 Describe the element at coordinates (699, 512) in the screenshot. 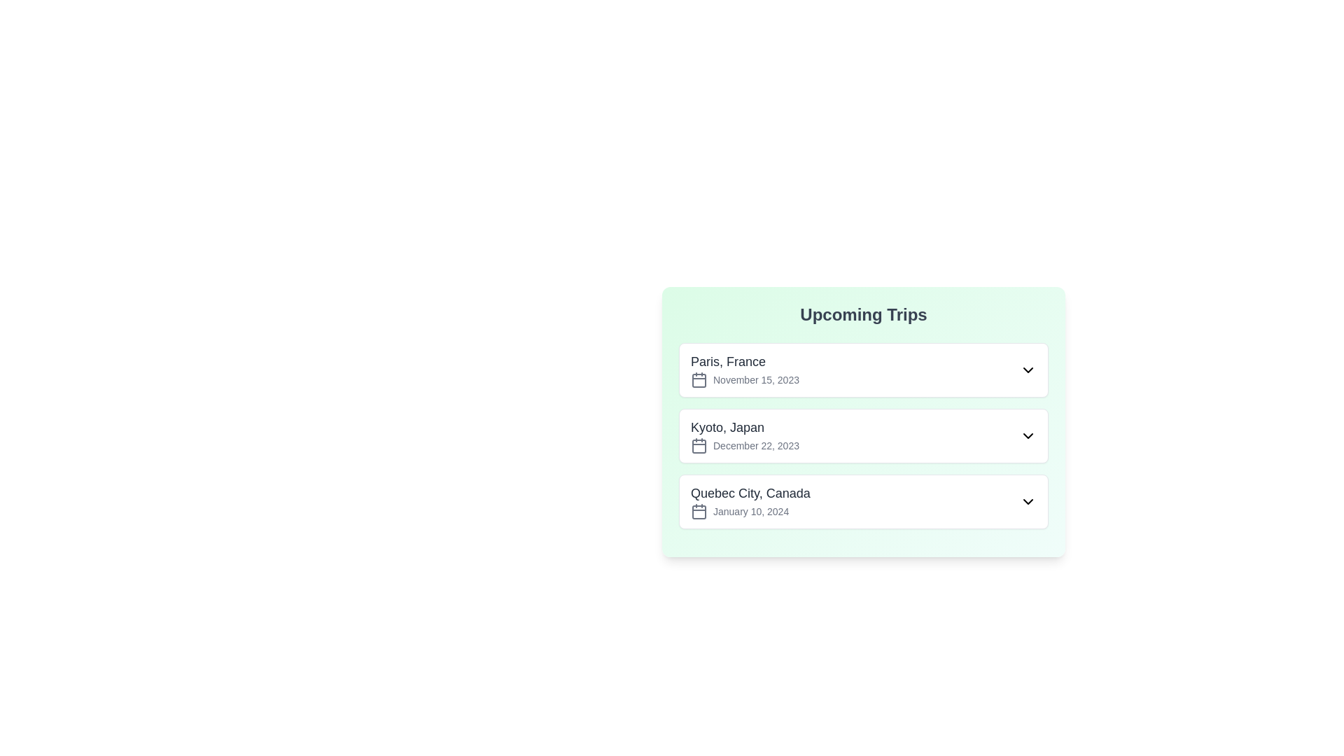

I see `the calendar icon element located to the left of the date text 'January 10, 2024' under the 'Upcoming Trips' header, aligned with 'Quebec City, Canada'` at that location.